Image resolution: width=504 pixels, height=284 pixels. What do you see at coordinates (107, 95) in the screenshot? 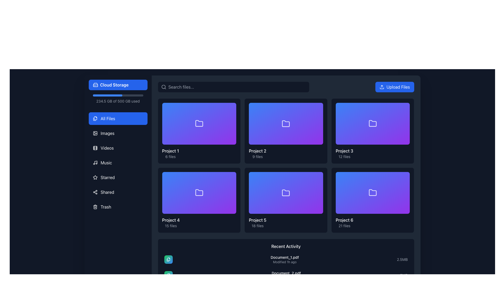
I see `the blue filled segment of the progress bar located beneath the 'Cloud Storage' label in the left sidebar` at bounding box center [107, 95].